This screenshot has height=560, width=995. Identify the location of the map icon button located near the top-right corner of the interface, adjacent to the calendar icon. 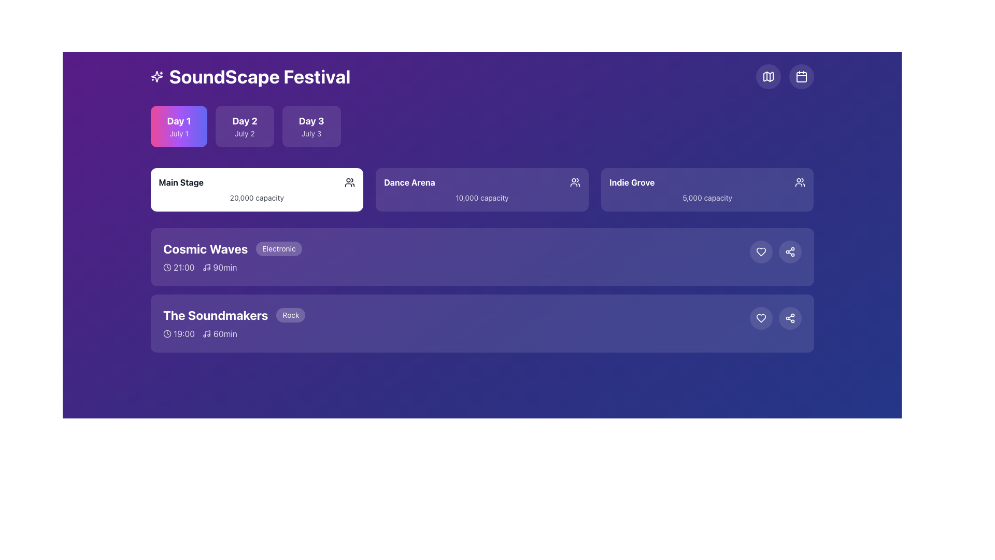
(768, 76).